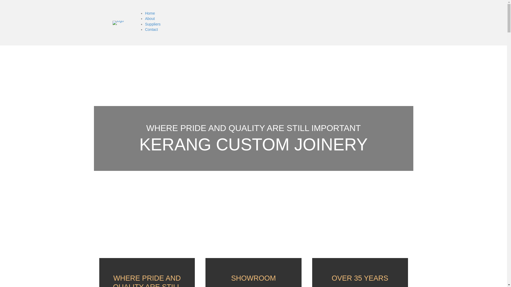 This screenshot has height=287, width=511. What do you see at coordinates (150, 18) in the screenshot?
I see `'About'` at bounding box center [150, 18].